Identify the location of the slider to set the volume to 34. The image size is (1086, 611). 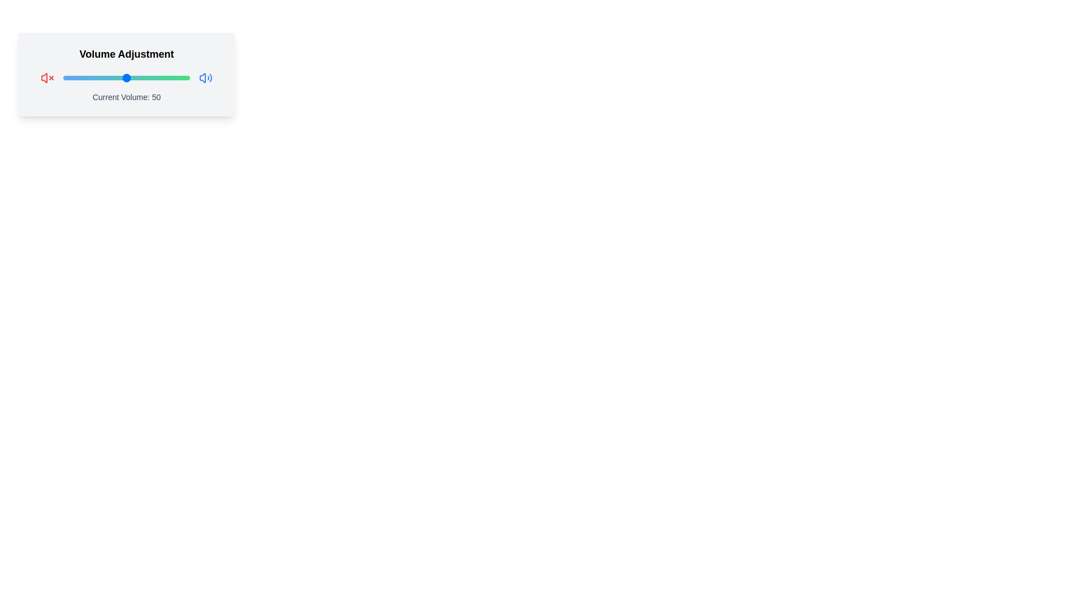
(106, 78).